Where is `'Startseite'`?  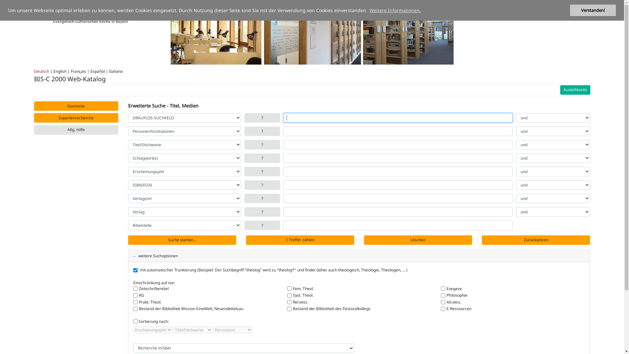 'Startseite' is located at coordinates (76, 106).